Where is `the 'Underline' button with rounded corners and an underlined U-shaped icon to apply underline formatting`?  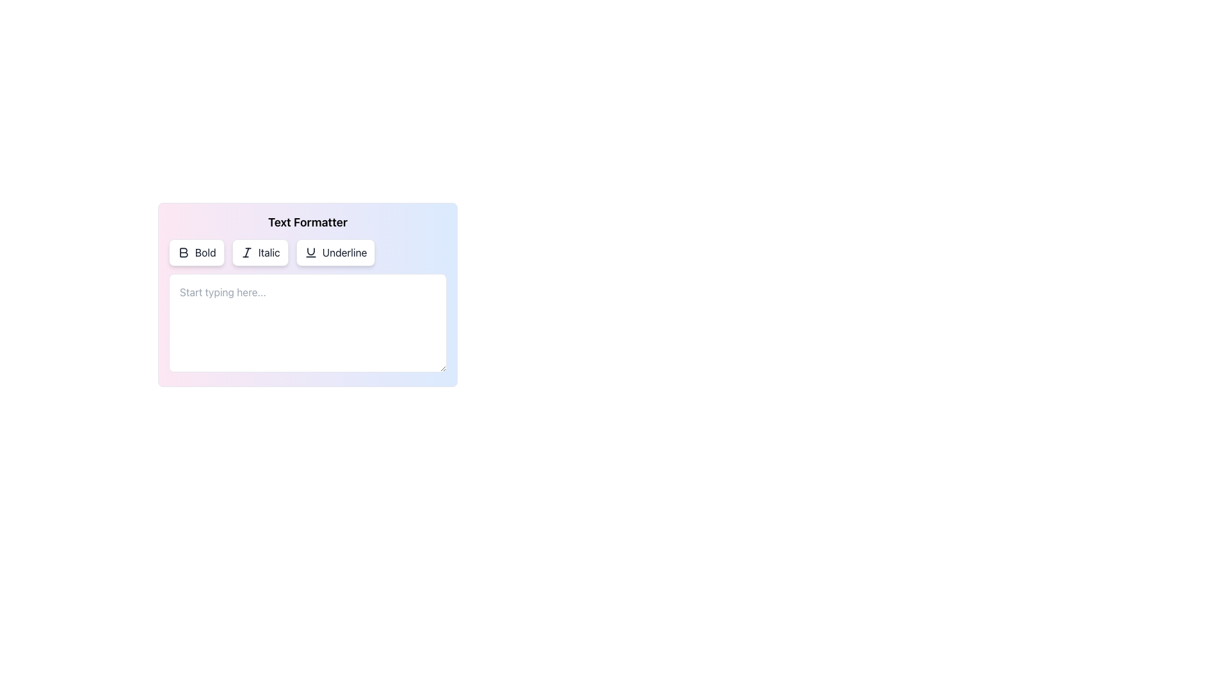
the 'Underline' button with rounded corners and an underlined U-shaped icon to apply underline formatting is located at coordinates (335, 252).